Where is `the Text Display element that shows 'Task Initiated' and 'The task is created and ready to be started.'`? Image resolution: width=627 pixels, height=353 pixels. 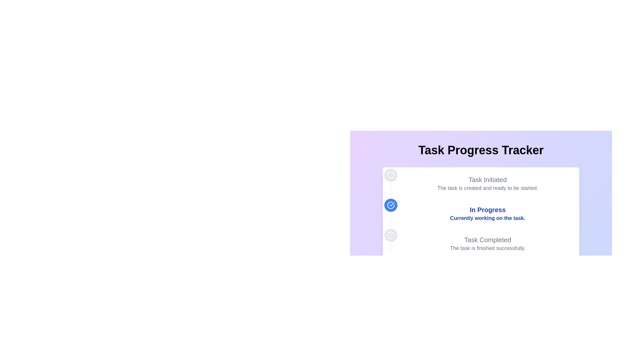
the Text Display element that shows 'Task Initiated' and 'The task is created and ready to be started.' is located at coordinates (481, 184).